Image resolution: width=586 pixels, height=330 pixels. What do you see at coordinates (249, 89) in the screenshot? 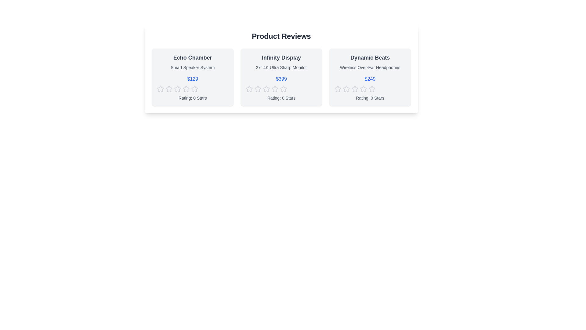
I see `the first outlined star icon used for rating under the product labeled 'Infinity Display'` at bounding box center [249, 89].